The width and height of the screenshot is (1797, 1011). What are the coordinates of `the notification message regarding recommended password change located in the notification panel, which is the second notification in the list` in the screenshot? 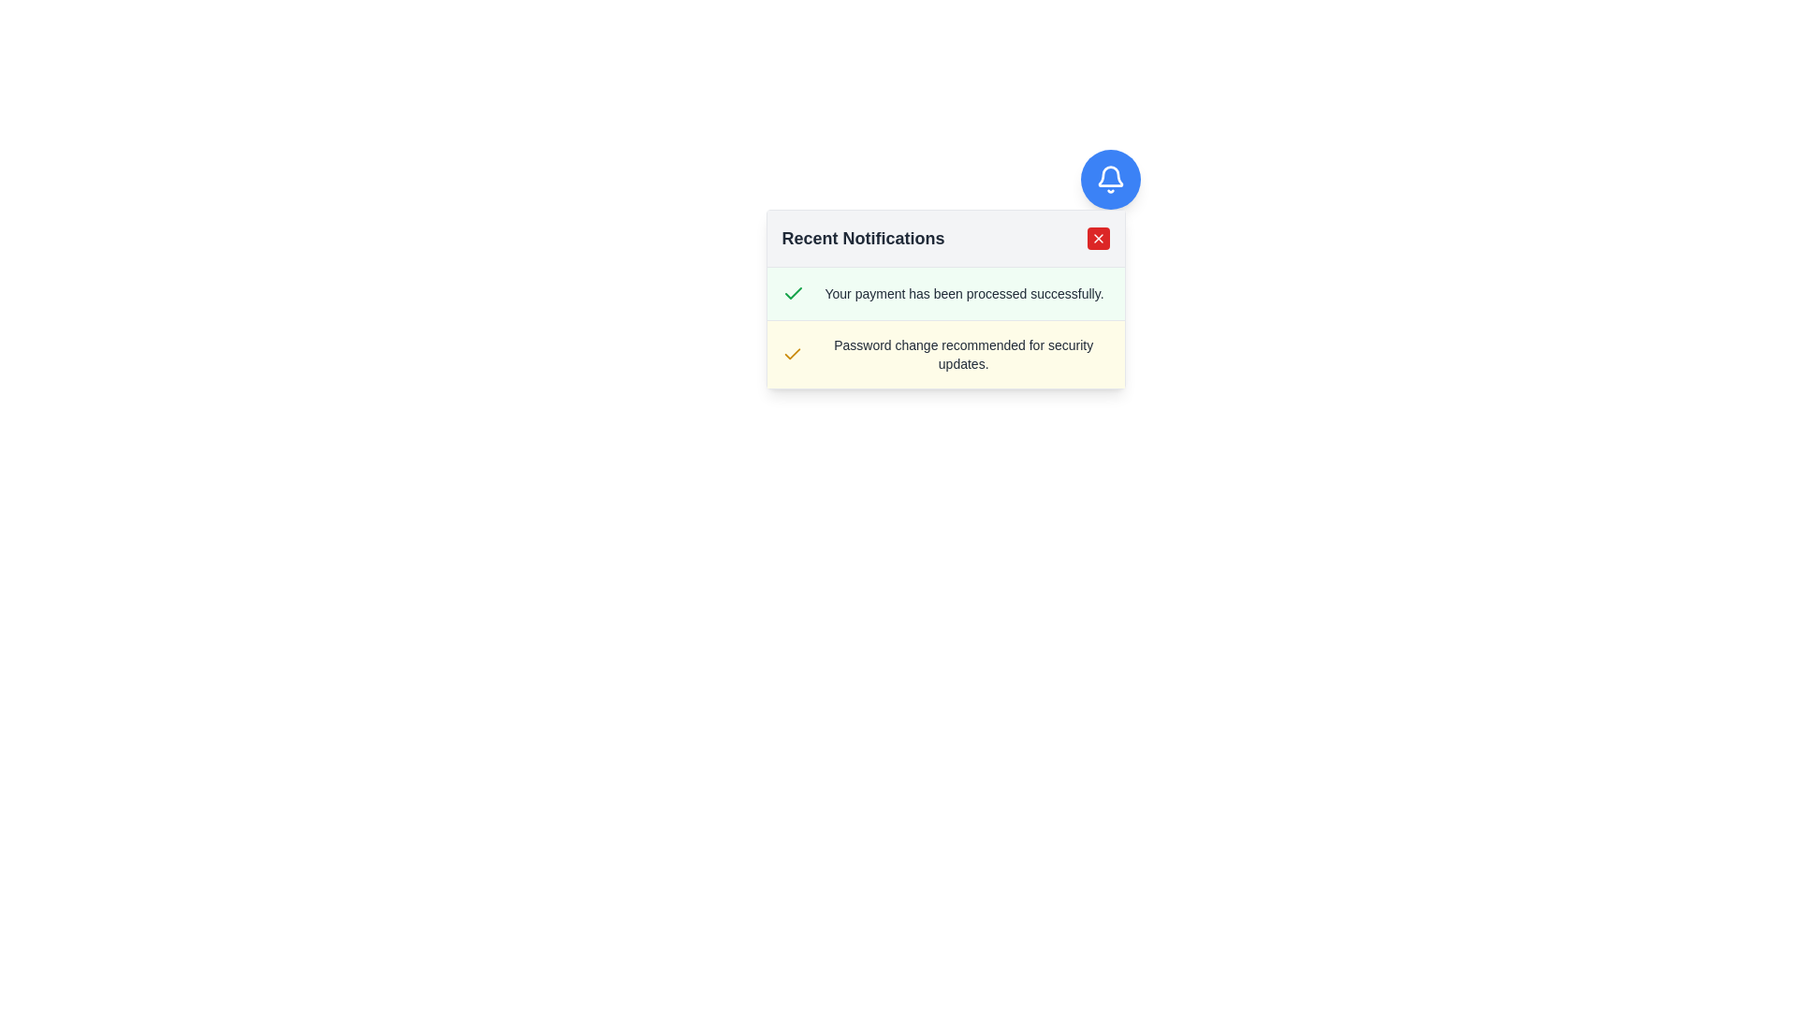 It's located at (945, 354).